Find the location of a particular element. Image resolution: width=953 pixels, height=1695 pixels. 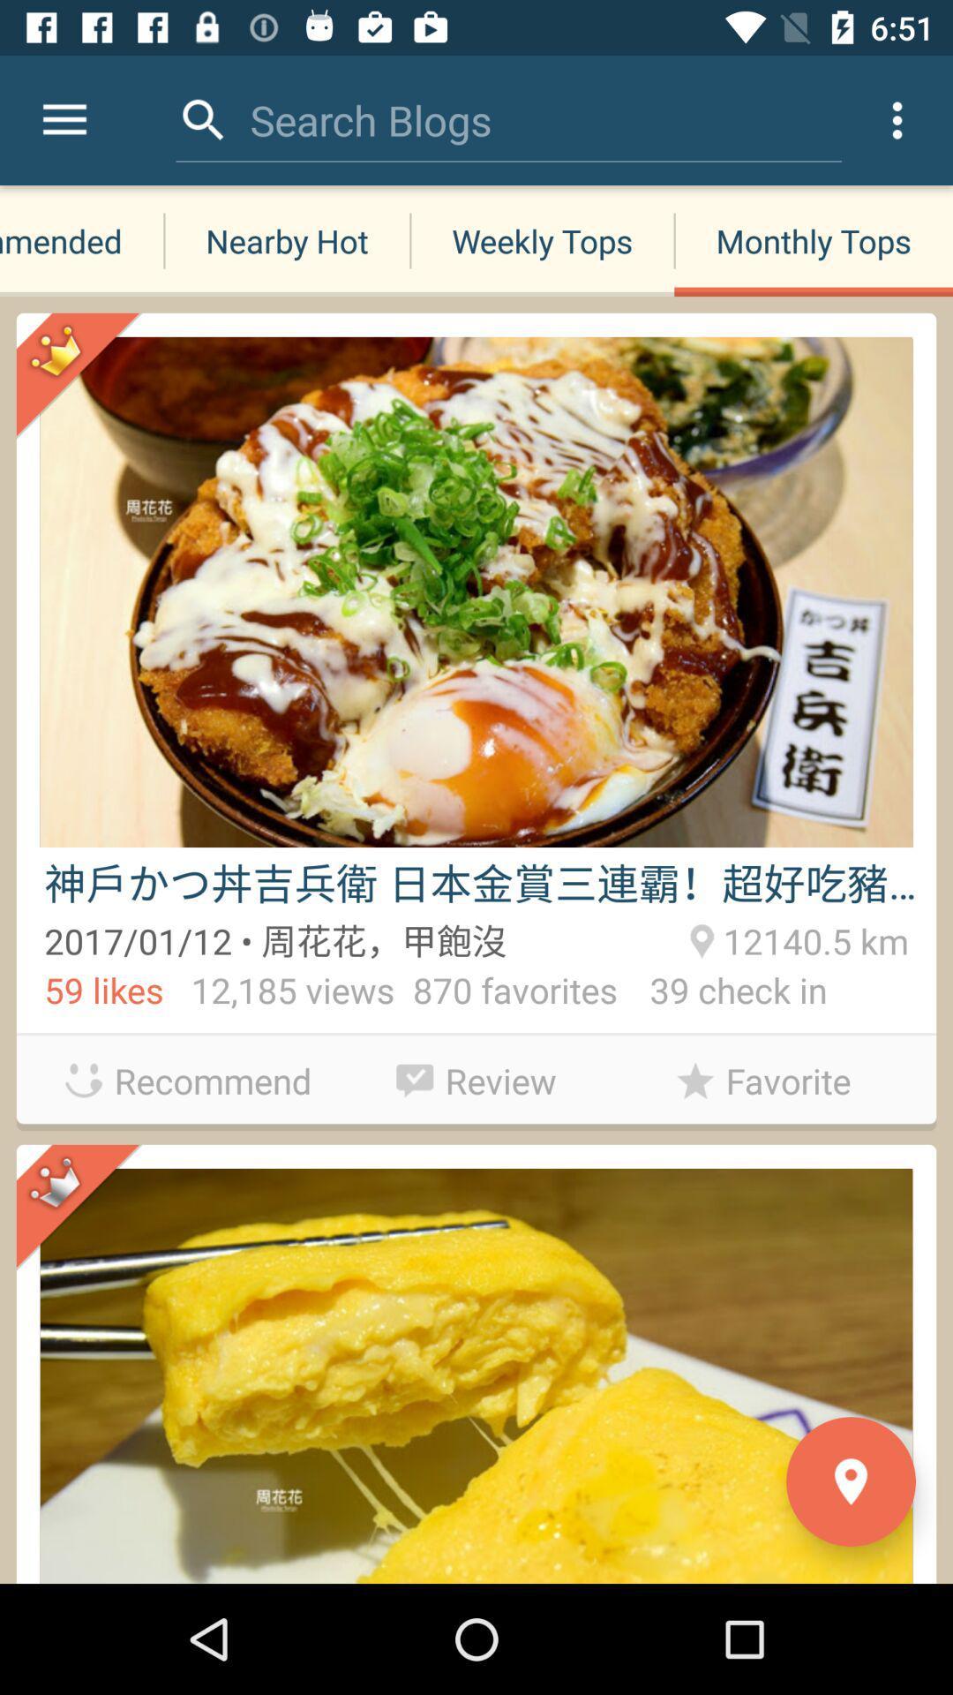

the item to the right of 870 favorites icon is located at coordinates (722, 994).